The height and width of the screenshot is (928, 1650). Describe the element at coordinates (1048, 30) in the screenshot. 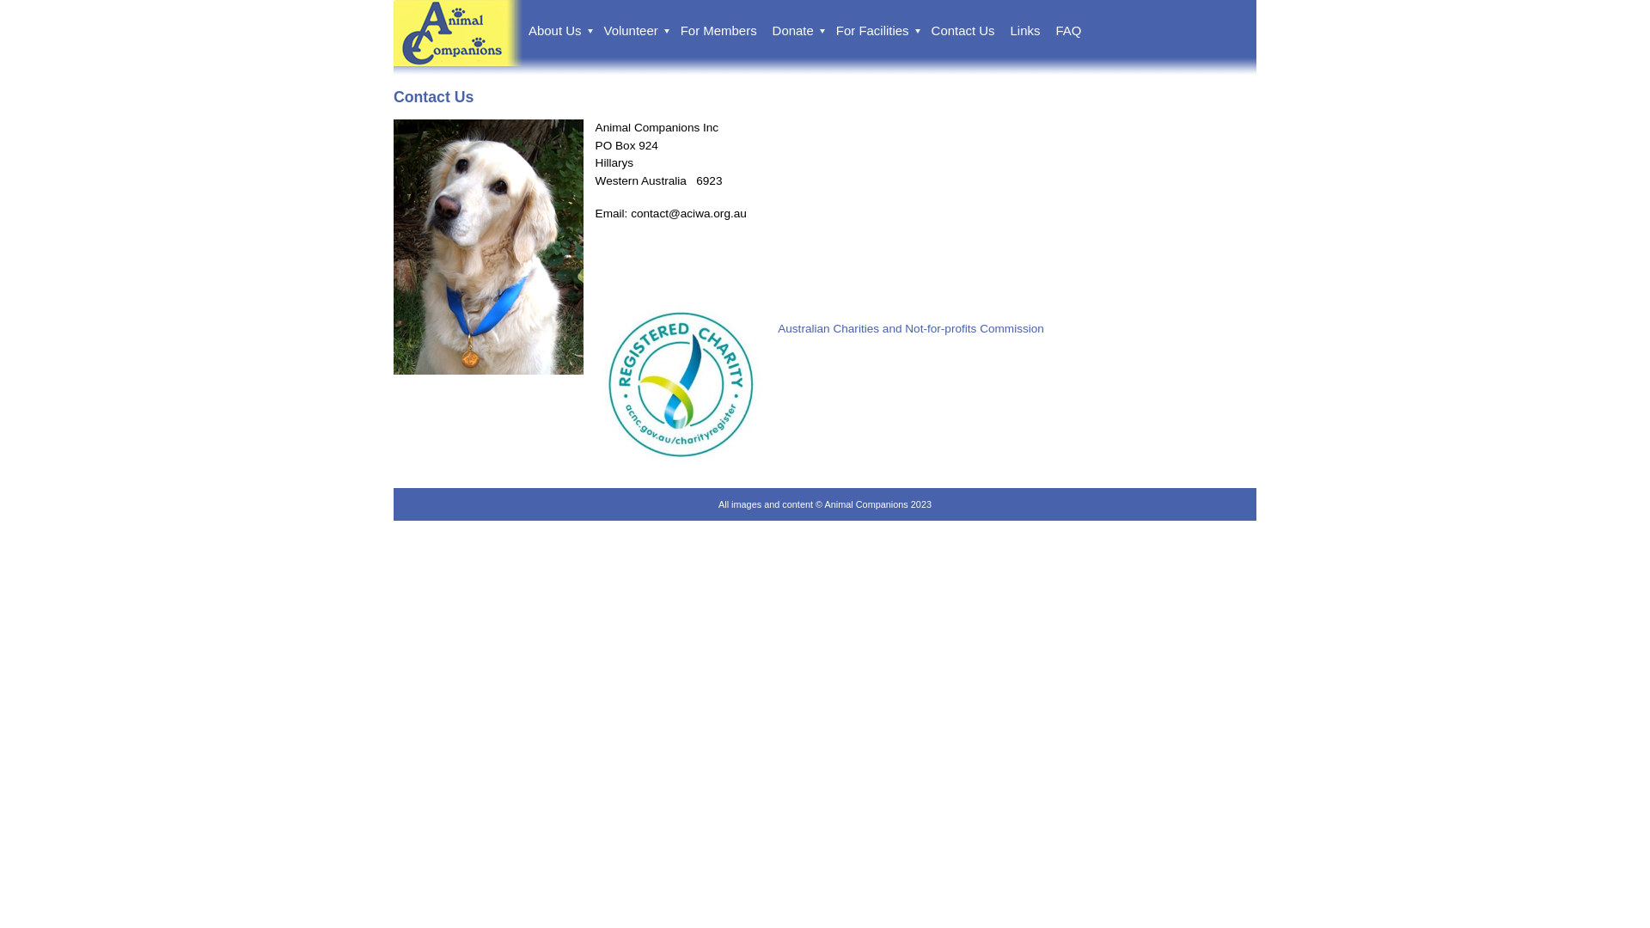

I see `'FAQ'` at that location.